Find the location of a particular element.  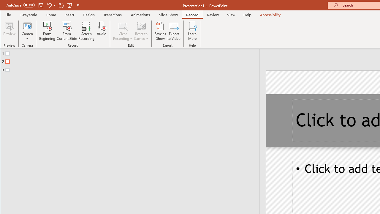

'Learn More' is located at coordinates (192, 31).